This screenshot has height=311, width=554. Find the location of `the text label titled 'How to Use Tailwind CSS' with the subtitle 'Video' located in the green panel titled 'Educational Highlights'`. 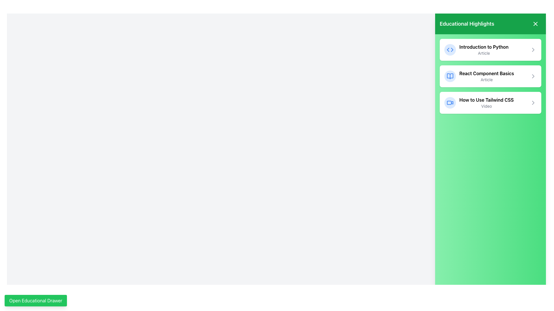

the text label titled 'How to Use Tailwind CSS' with the subtitle 'Video' located in the green panel titled 'Educational Highlights' is located at coordinates (486, 103).